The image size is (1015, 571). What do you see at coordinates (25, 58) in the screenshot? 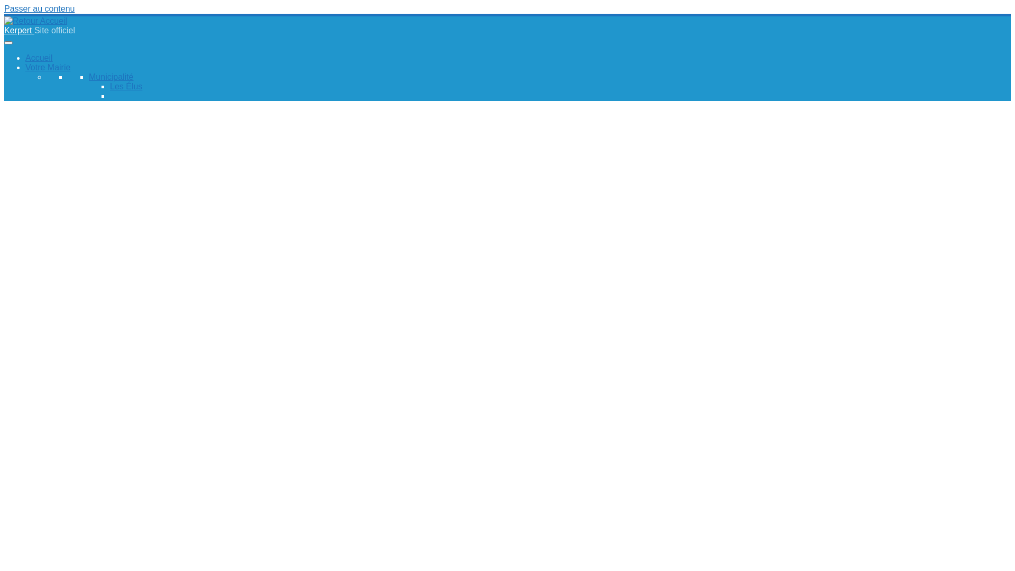
I see `'Accueil'` at bounding box center [25, 58].